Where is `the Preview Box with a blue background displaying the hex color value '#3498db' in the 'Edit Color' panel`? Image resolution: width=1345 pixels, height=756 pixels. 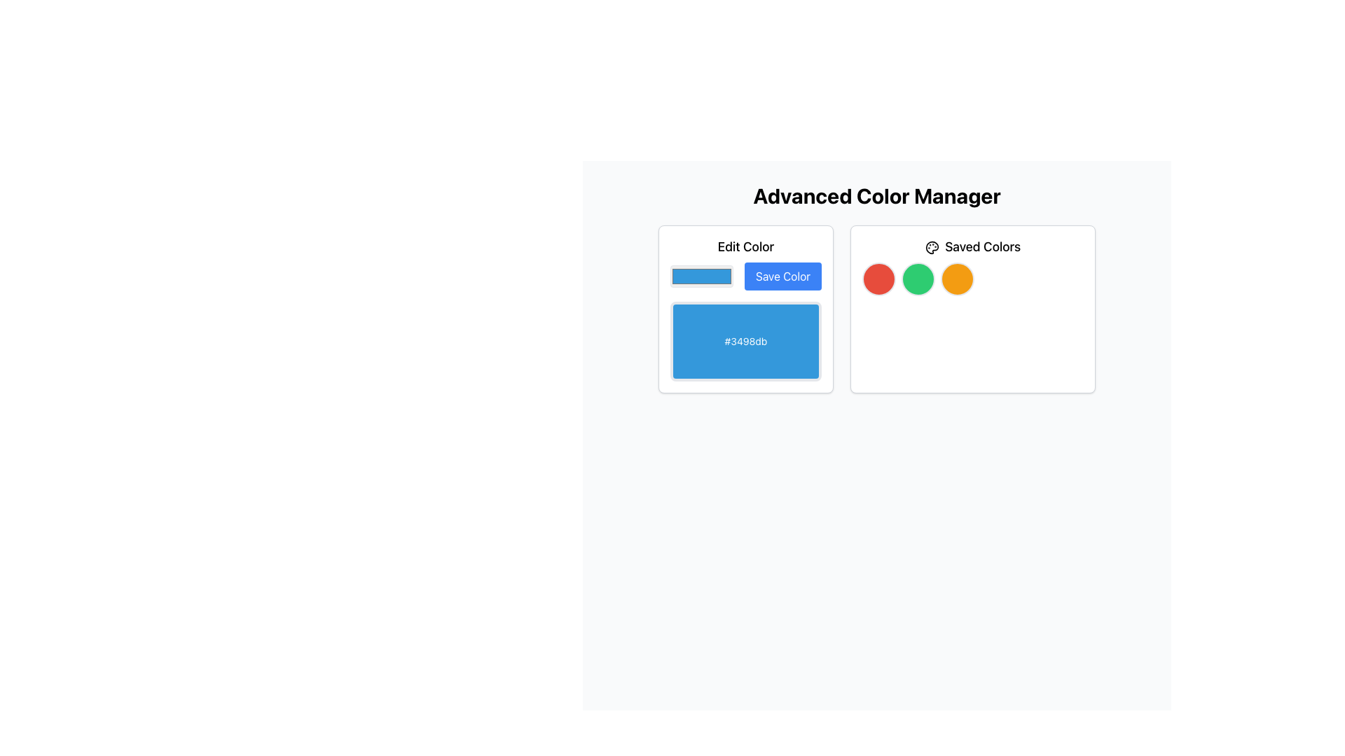 the Preview Box with a blue background displaying the hex color value '#3498db' in the 'Edit Color' panel is located at coordinates (745, 342).